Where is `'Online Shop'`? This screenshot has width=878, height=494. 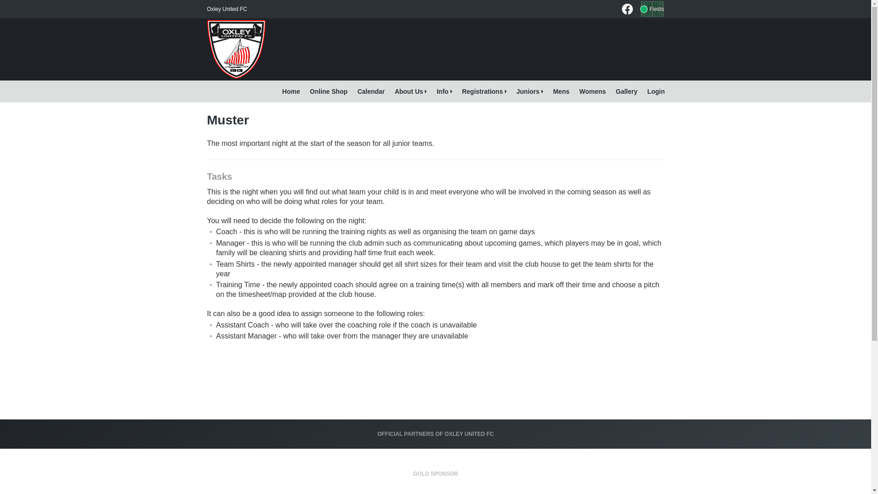 'Online Shop' is located at coordinates (329, 91).